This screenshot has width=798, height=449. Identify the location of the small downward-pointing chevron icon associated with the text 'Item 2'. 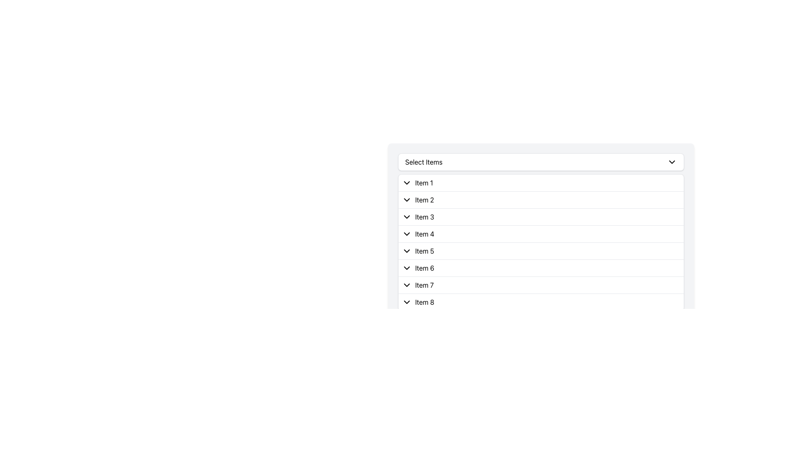
(407, 200).